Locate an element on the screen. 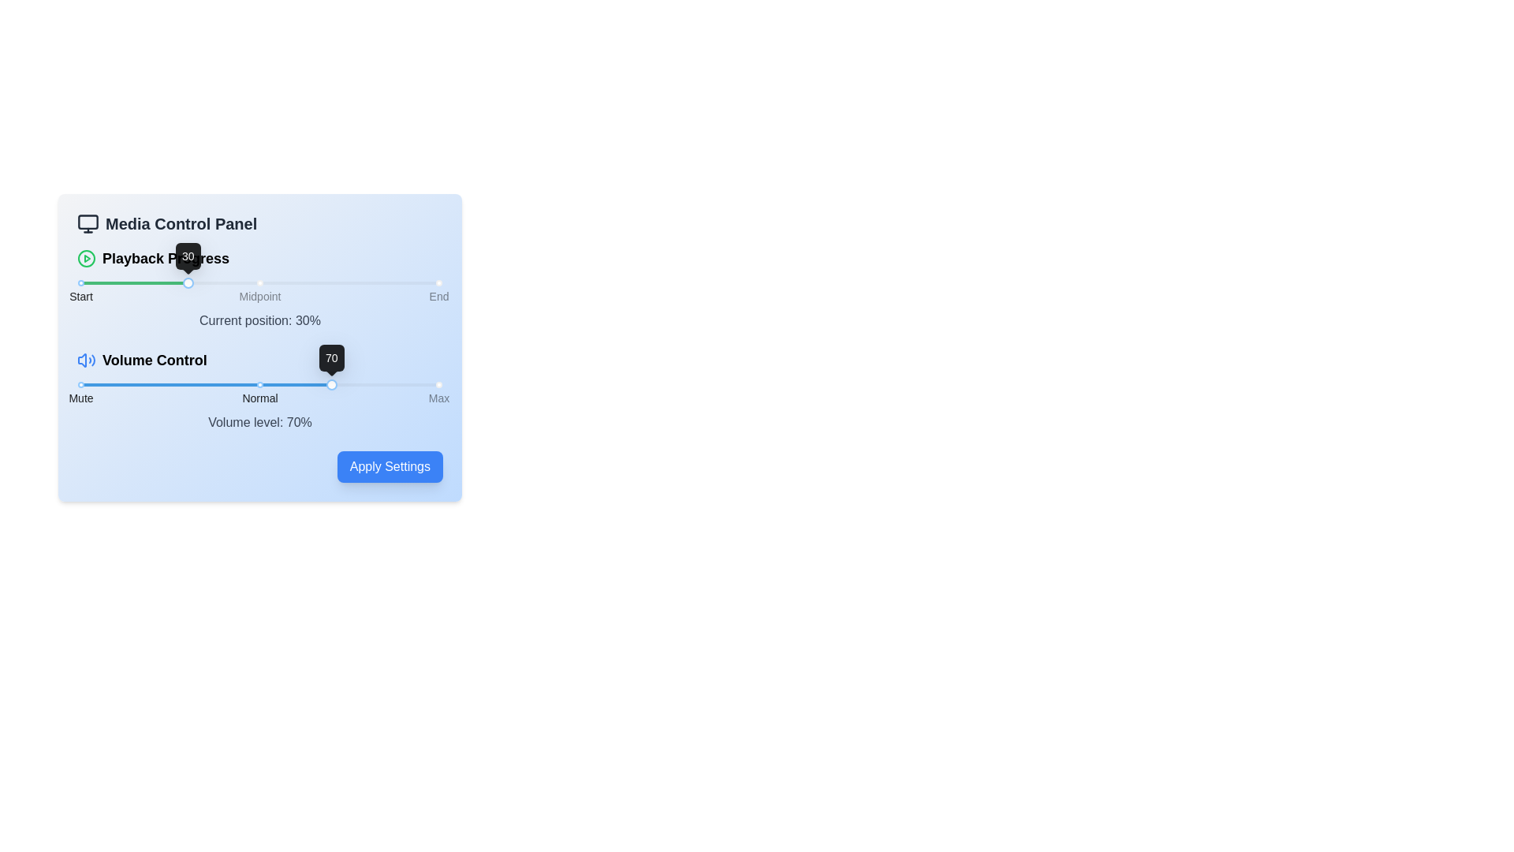  the slider is located at coordinates (128, 385).